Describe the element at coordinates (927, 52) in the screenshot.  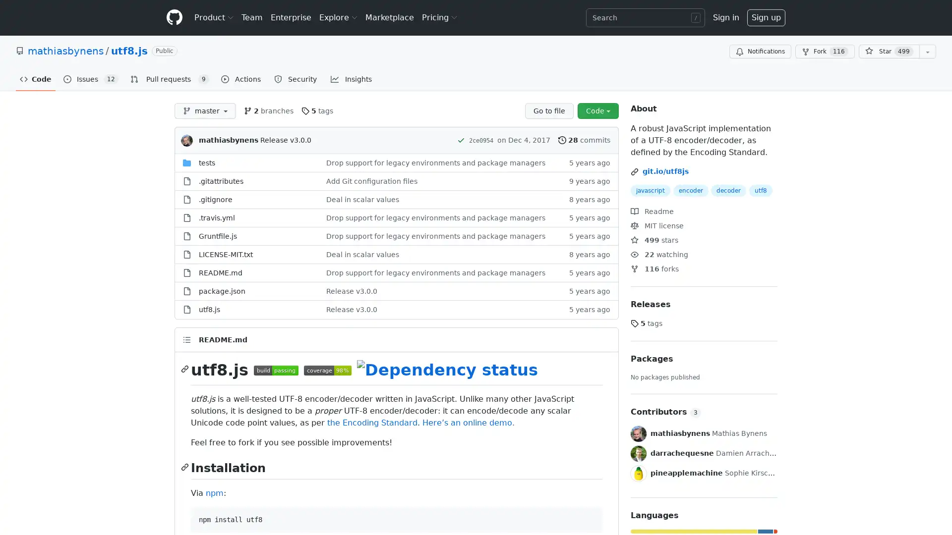
I see `You must be signed in to add this repository to a list` at that location.